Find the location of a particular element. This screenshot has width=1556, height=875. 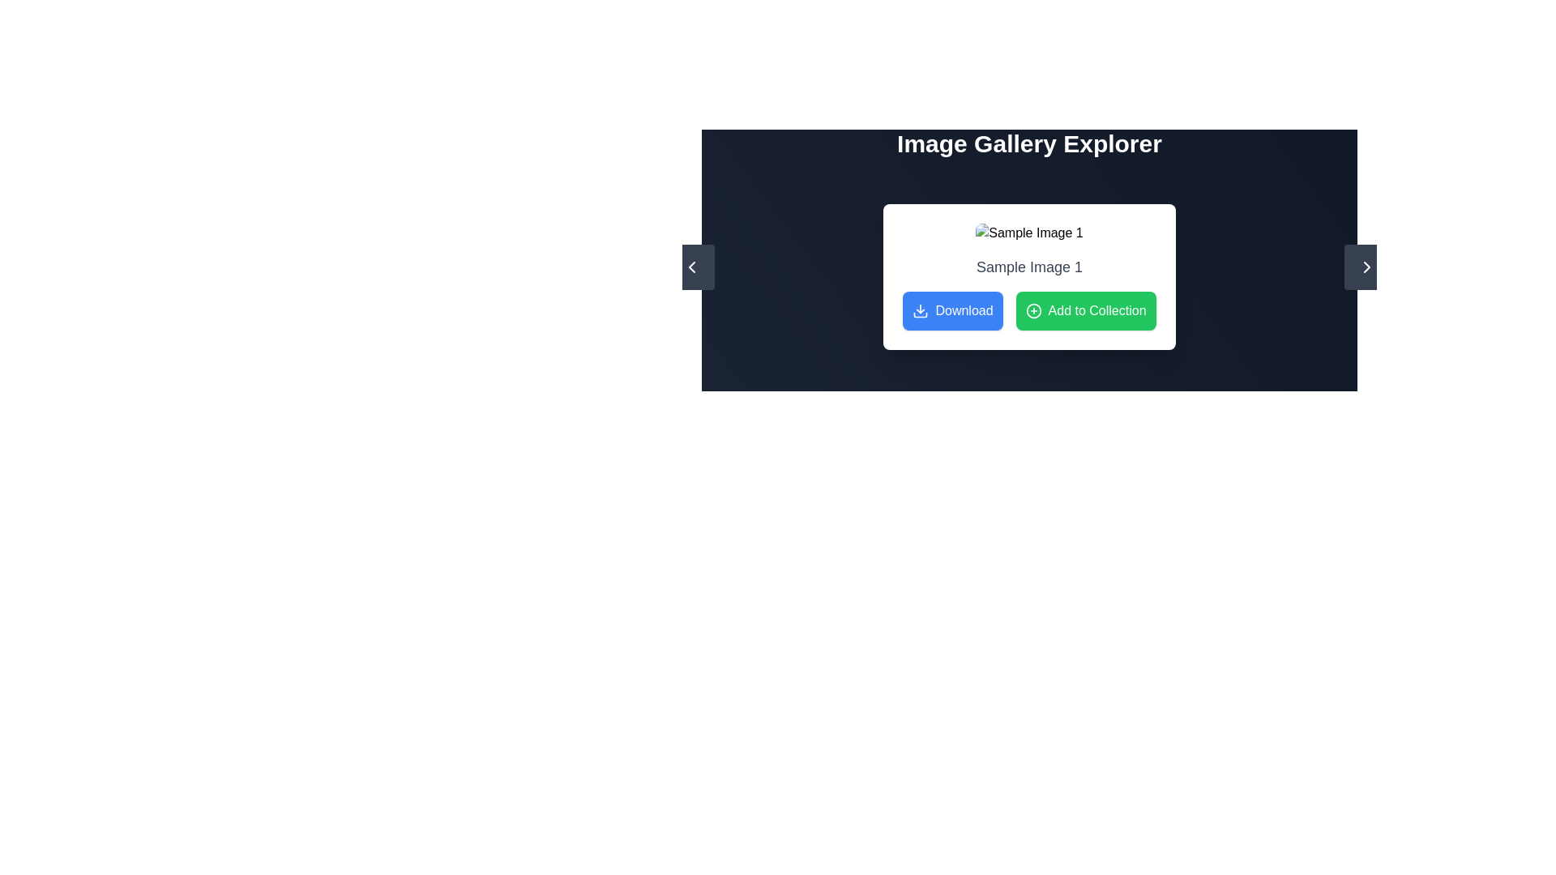

the circular SVG element located within the green 'Add to Collection' section at the bottom-center of the interface is located at coordinates (1032, 311).